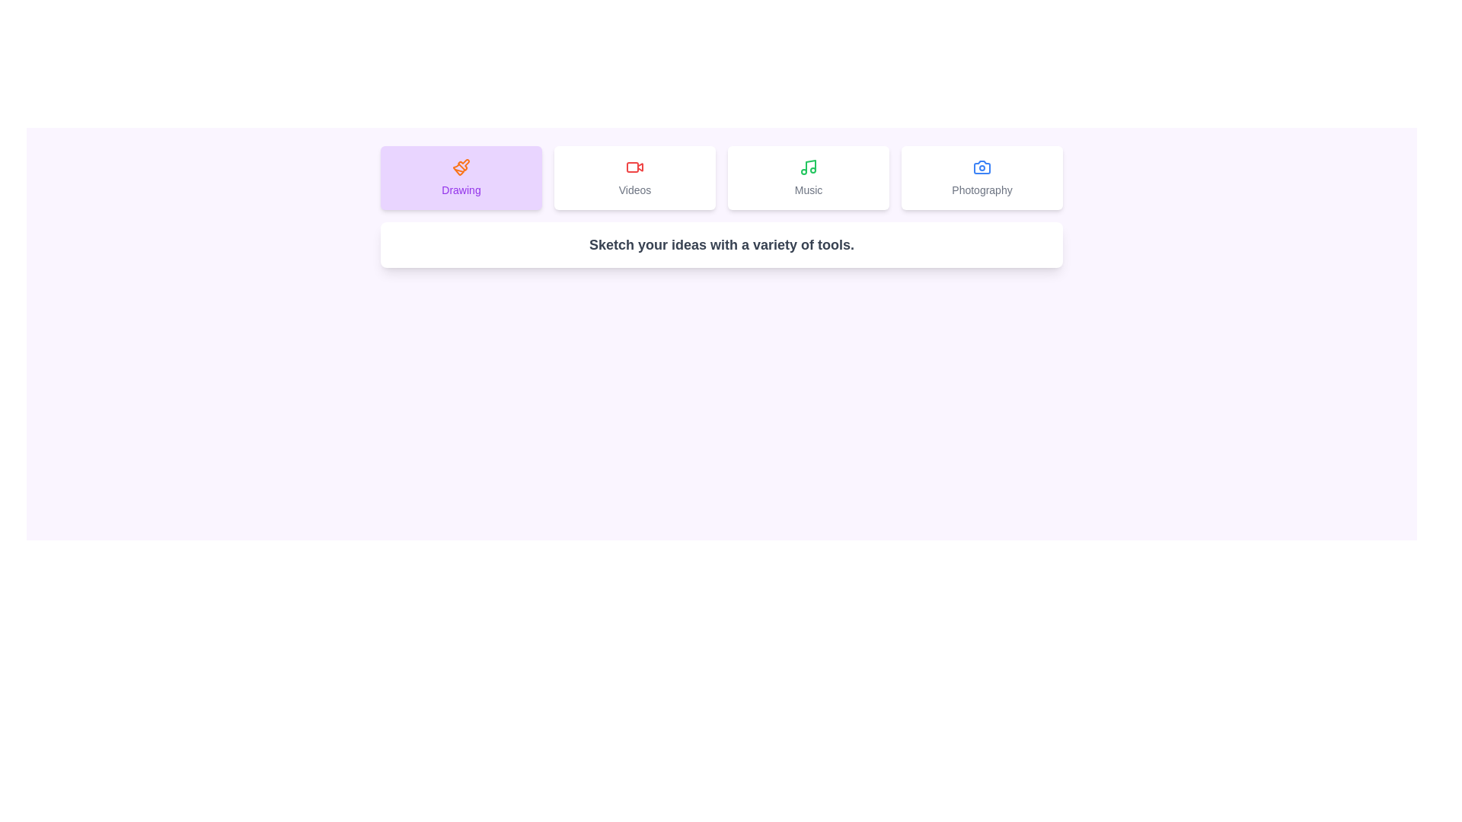 This screenshot has width=1462, height=822. I want to click on the tab labeled Drawing to preview its hover effect, so click(460, 177).